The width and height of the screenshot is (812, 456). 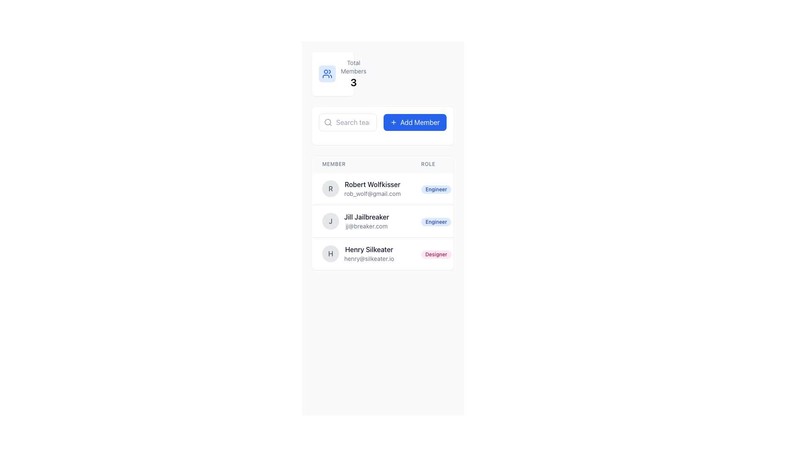 I want to click on the email address in the second row of the member table to copy it, which is located between 'Robert Wolfkisser' and 'Henry Silkeater', so click(x=382, y=212).